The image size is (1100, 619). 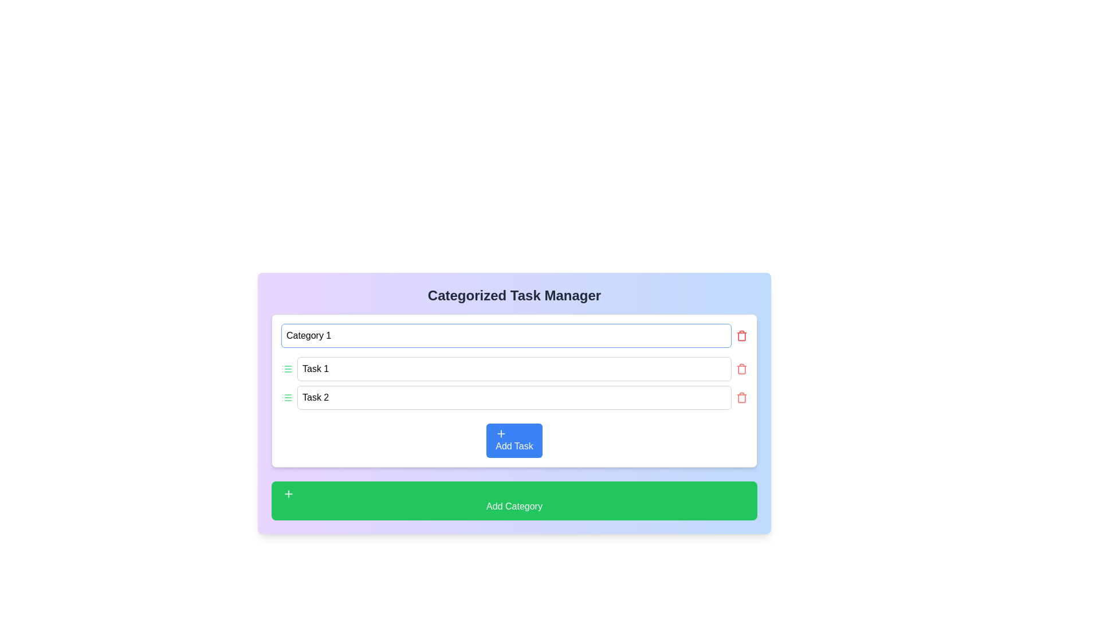 What do you see at coordinates (289, 493) in the screenshot?
I see `the small green circular button containing a white plus (+) icon` at bounding box center [289, 493].